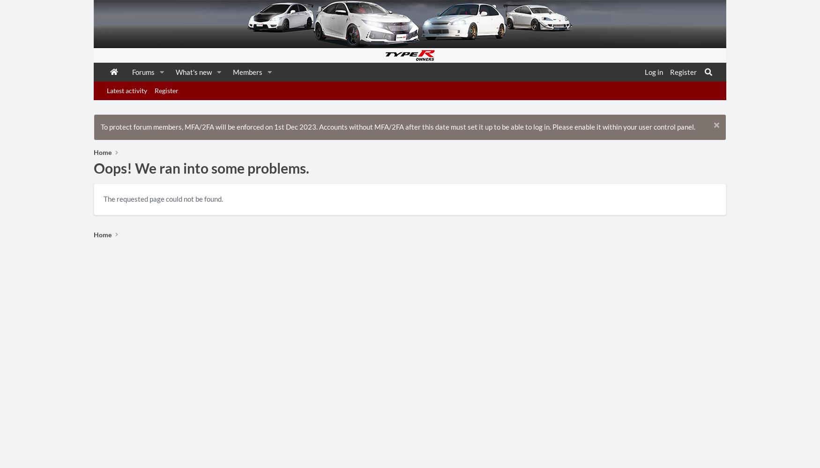 This screenshot has width=820, height=468. What do you see at coordinates (143, 72) in the screenshot?
I see `'Forums'` at bounding box center [143, 72].